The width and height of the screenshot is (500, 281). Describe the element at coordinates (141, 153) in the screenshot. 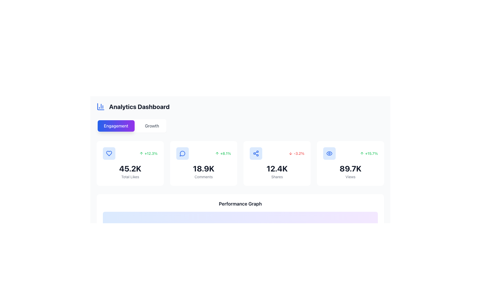

I see `the Icon (Arrow-Up)` at that location.